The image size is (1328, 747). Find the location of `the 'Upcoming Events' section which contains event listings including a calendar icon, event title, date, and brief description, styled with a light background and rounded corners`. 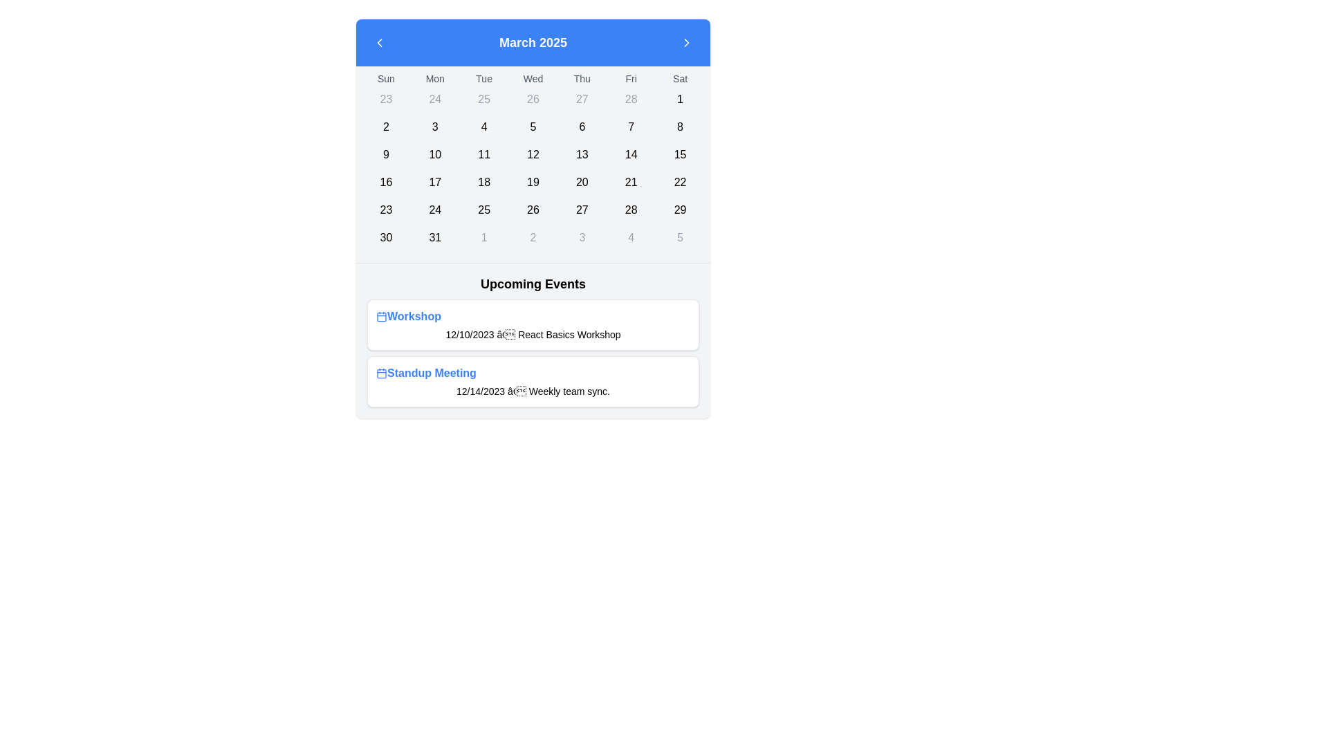

the 'Upcoming Events' section which contains event listings including a calendar icon, event title, date, and brief description, styled with a light background and rounded corners is located at coordinates (533, 340).